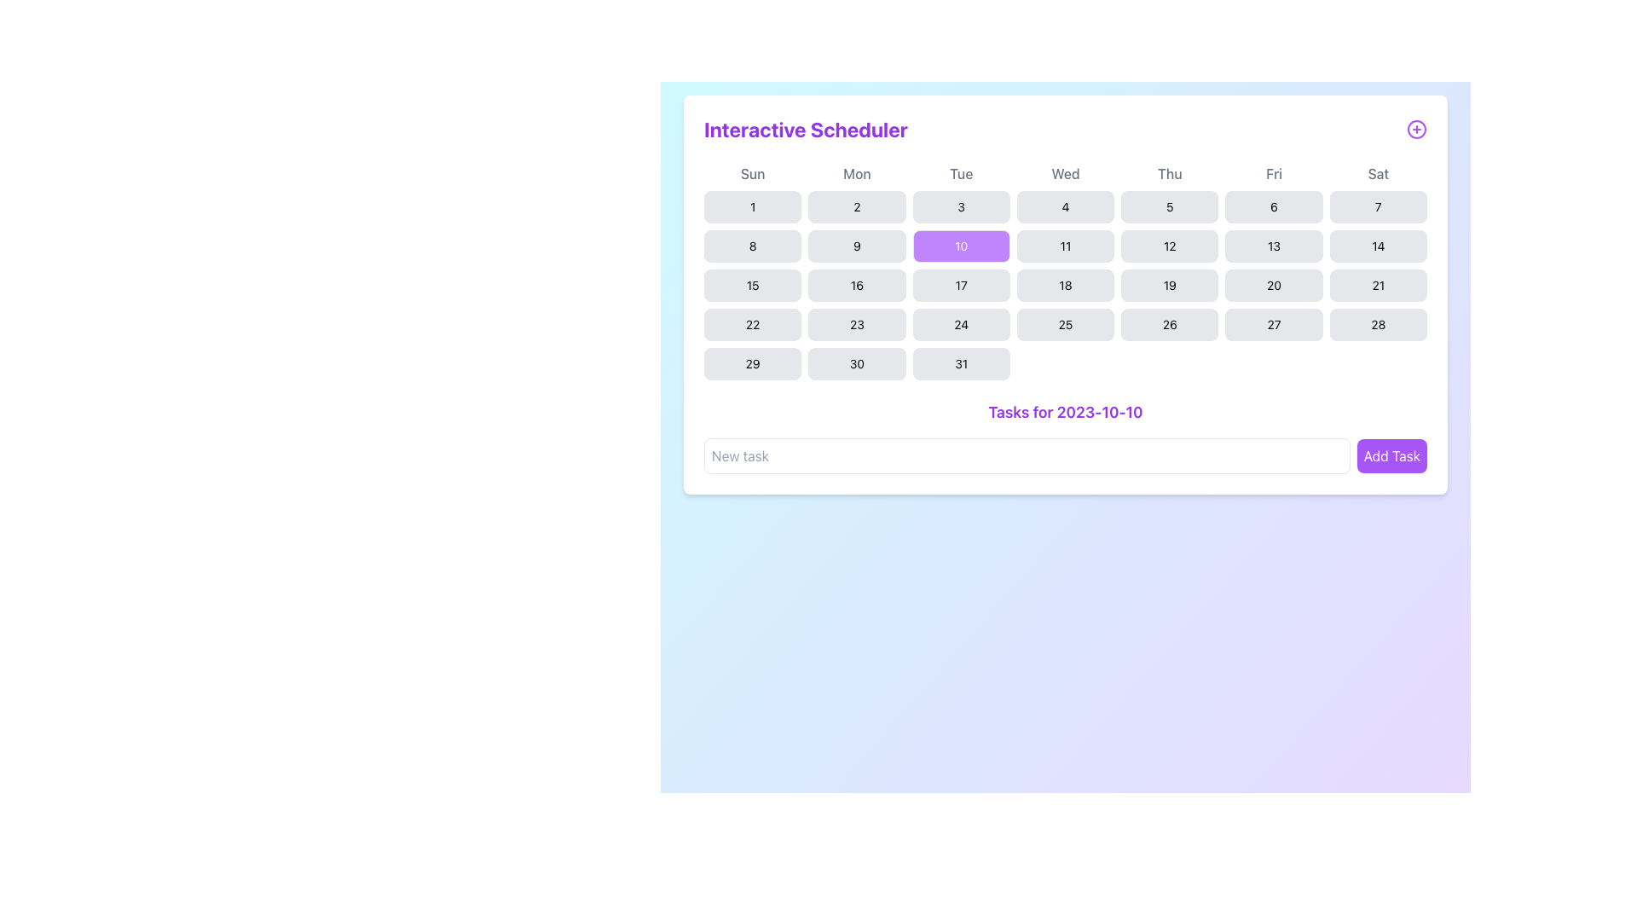 This screenshot has width=1637, height=921. Describe the element at coordinates (961, 363) in the screenshot. I see `the button representing the date '31' in the calendar interface` at that location.